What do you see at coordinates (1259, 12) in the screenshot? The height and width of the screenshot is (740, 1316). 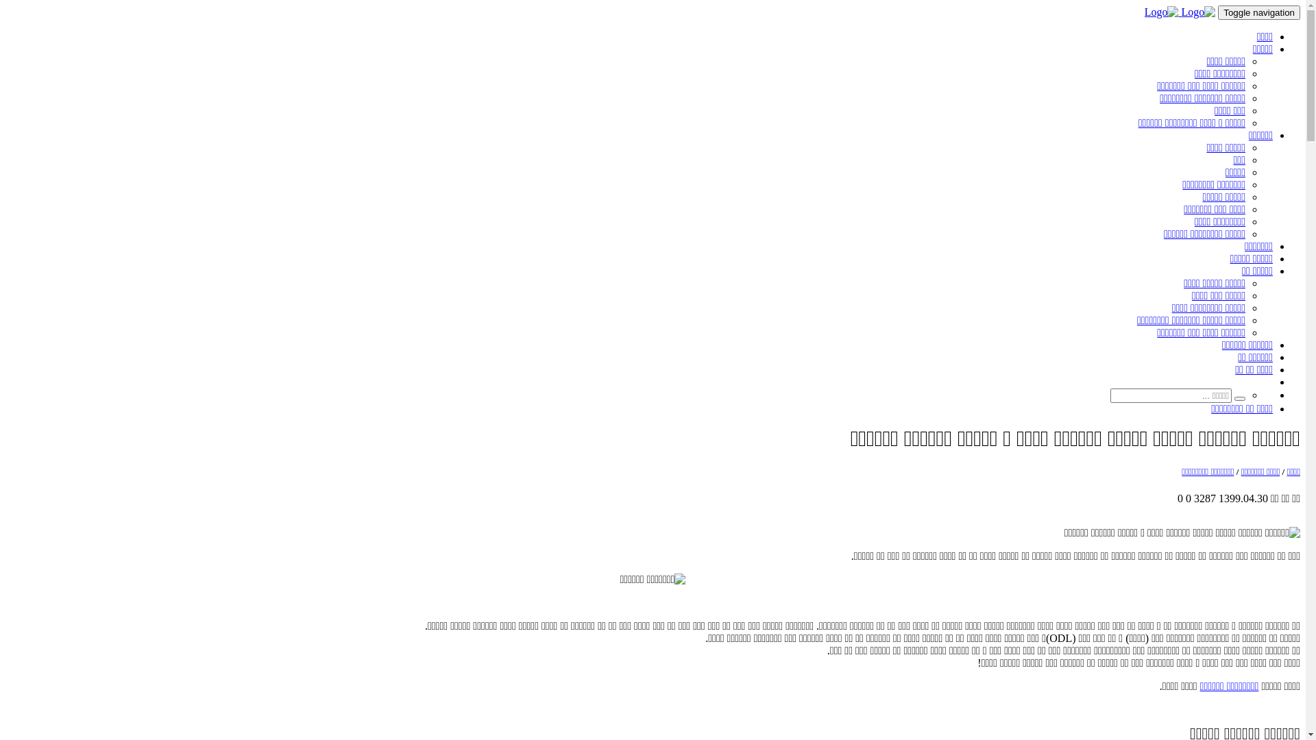 I see `'Toggle navigation'` at bounding box center [1259, 12].